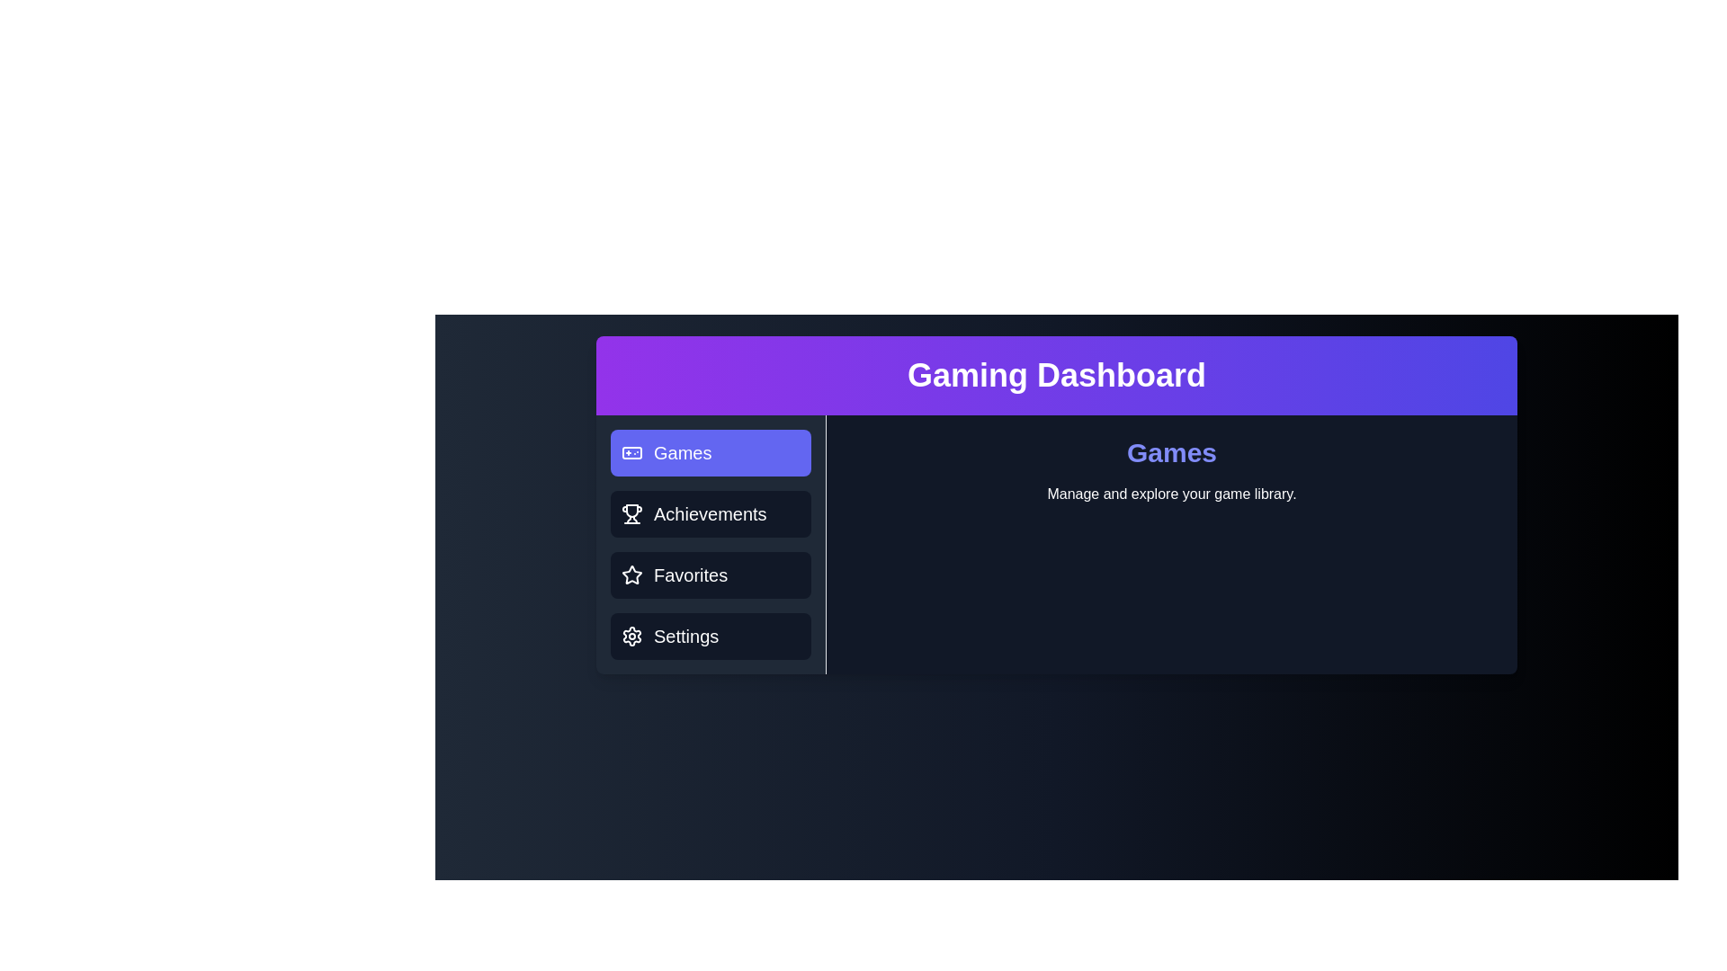 The image size is (1727, 971). Describe the element at coordinates (710, 575) in the screenshot. I see `the Favorites tab to switch the active view` at that location.